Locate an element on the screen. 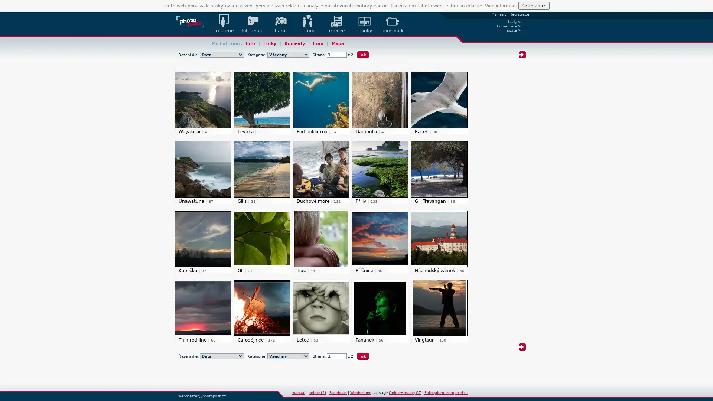  ok is located at coordinates (363, 356).